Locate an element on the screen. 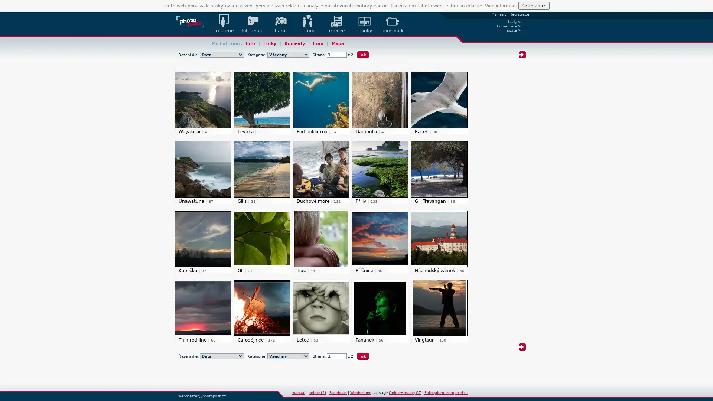  ok is located at coordinates (363, 356).